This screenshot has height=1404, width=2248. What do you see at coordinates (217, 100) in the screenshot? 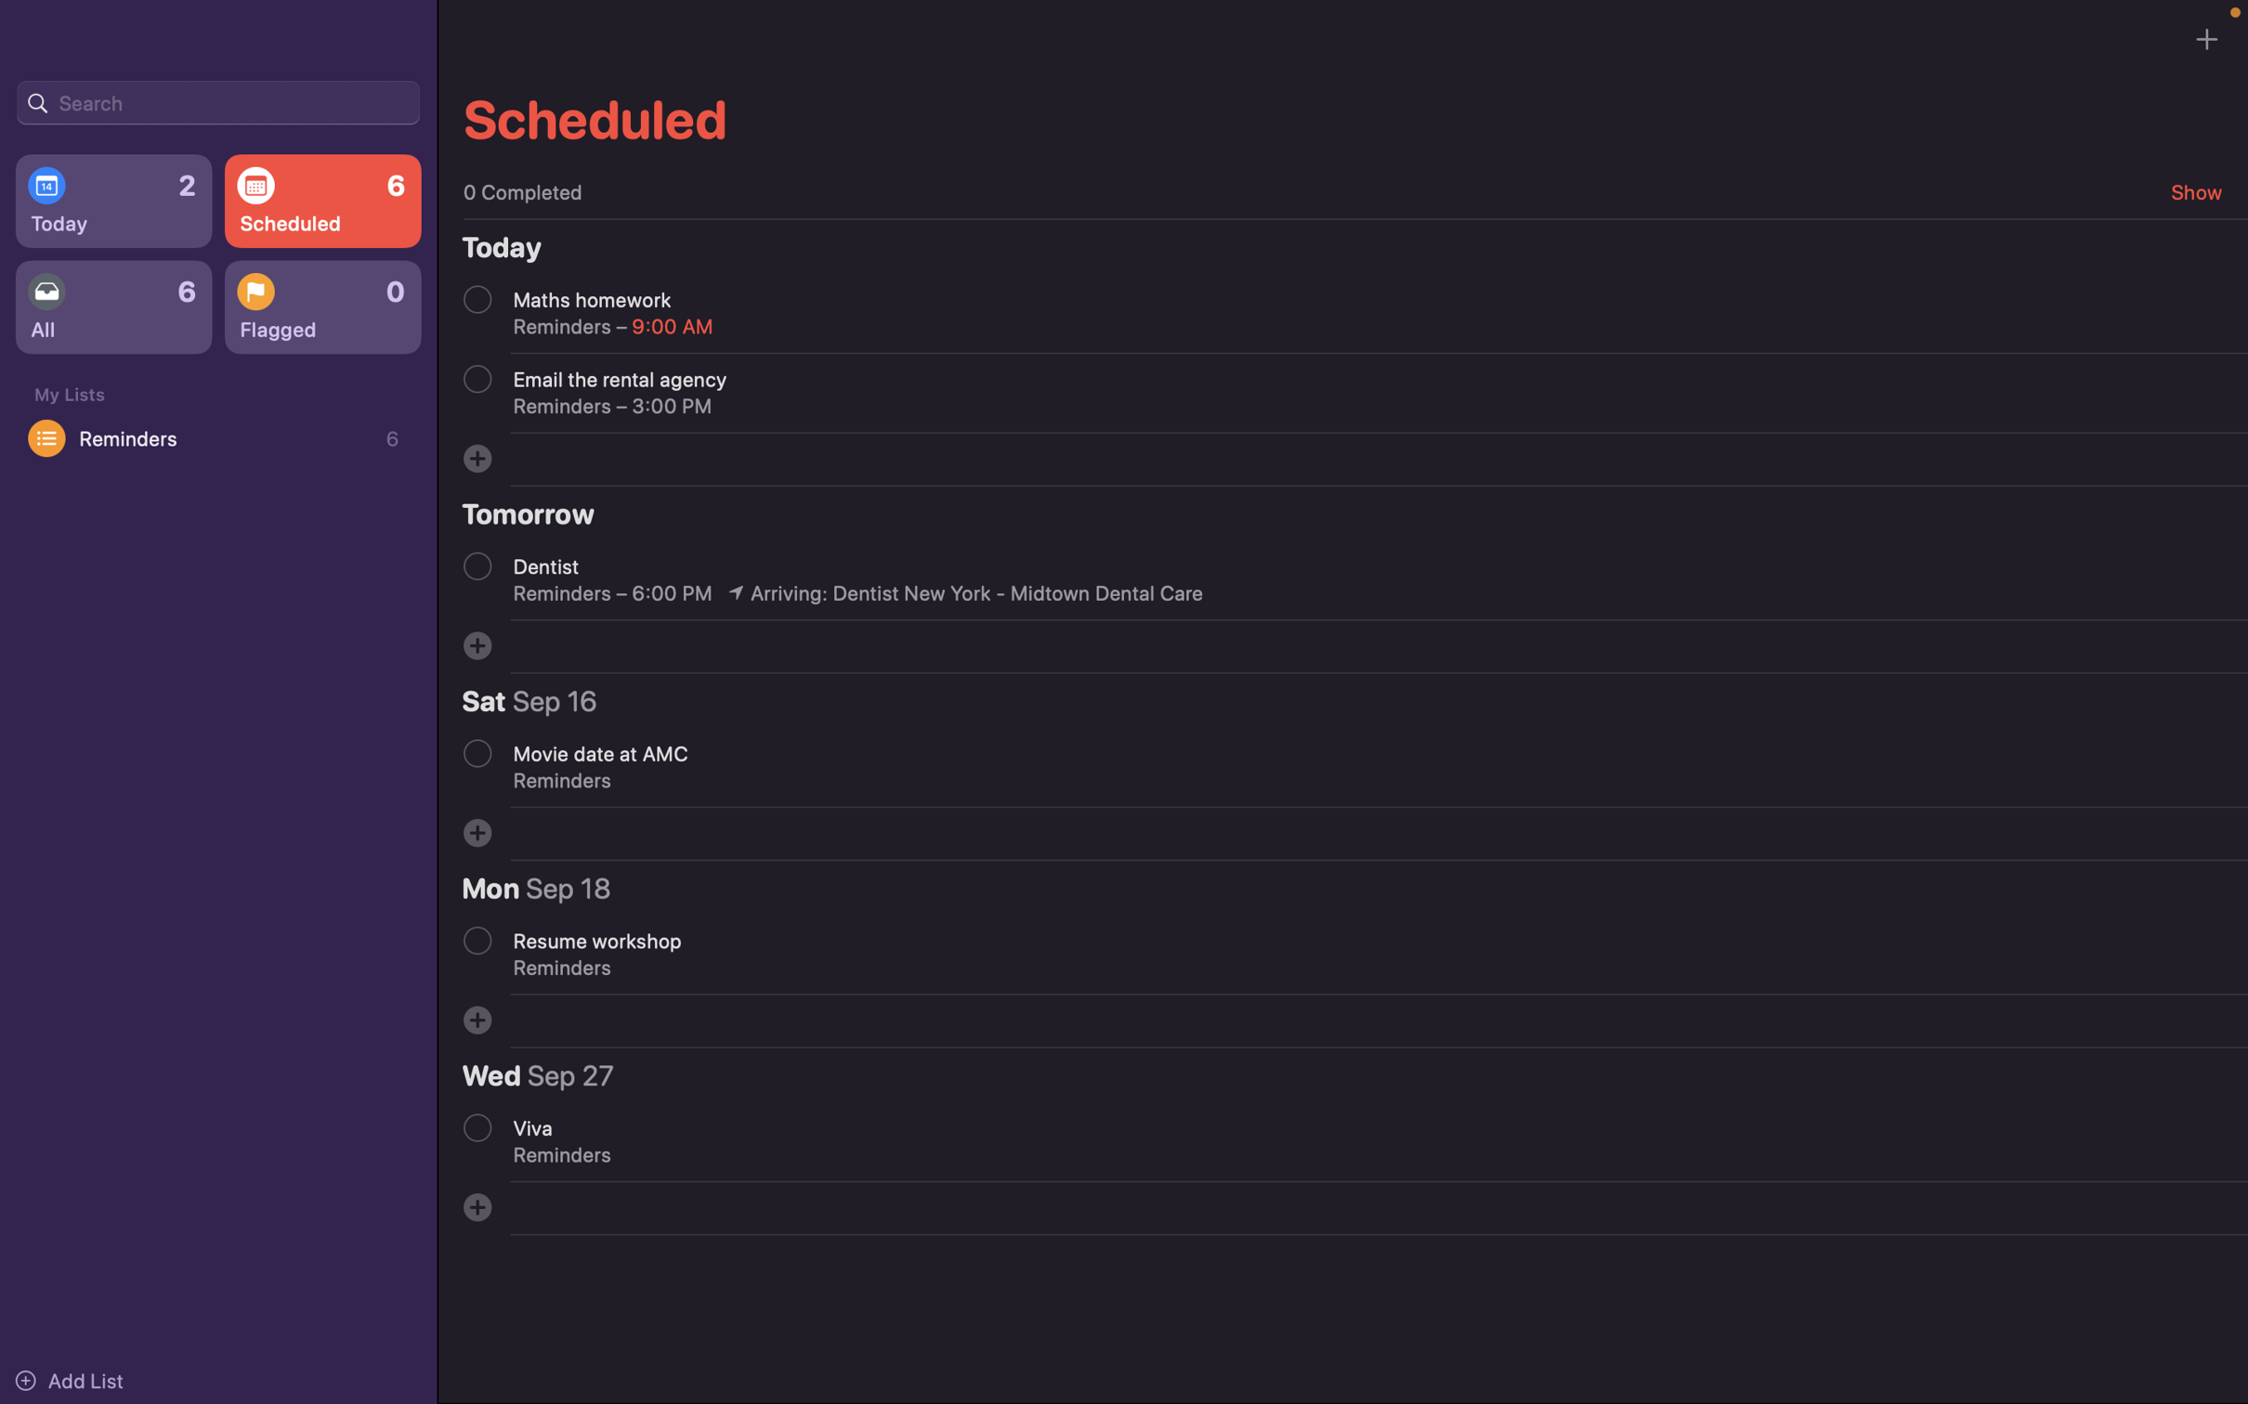
I see `the "Josh birthday" event` at bounding box center [217, 100].